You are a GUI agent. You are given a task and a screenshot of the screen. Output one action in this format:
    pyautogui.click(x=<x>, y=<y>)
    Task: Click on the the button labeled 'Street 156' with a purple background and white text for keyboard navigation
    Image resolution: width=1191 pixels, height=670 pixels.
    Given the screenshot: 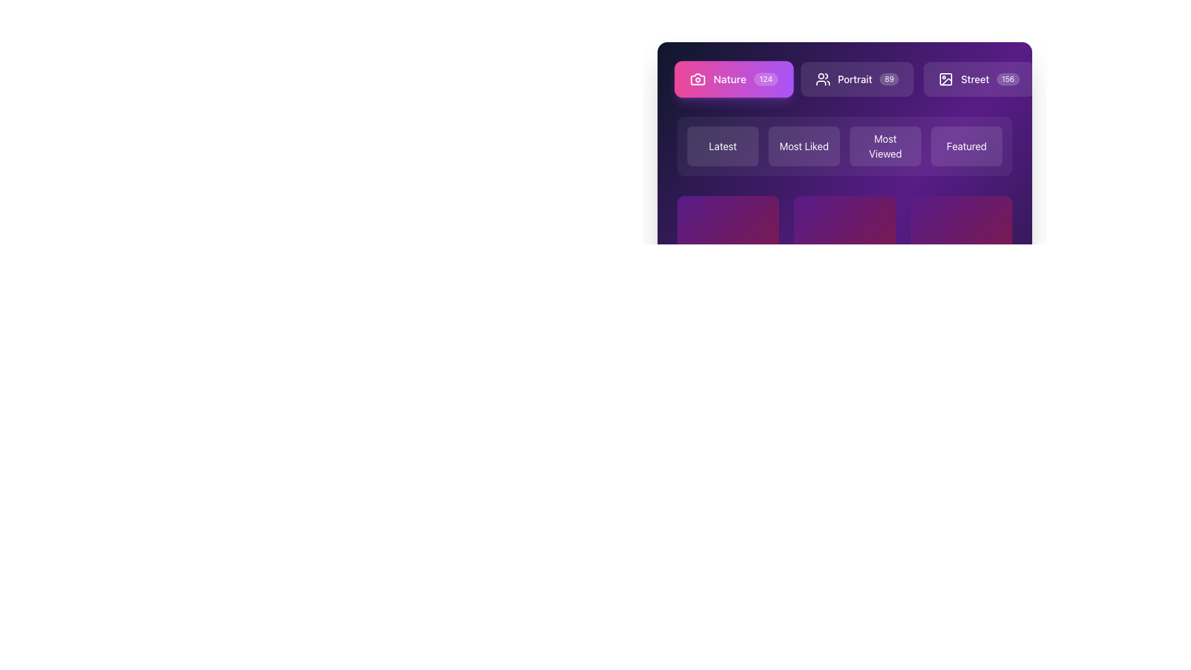 What is the action you would take?
    pyautogui.click(x=978, y=79)
    